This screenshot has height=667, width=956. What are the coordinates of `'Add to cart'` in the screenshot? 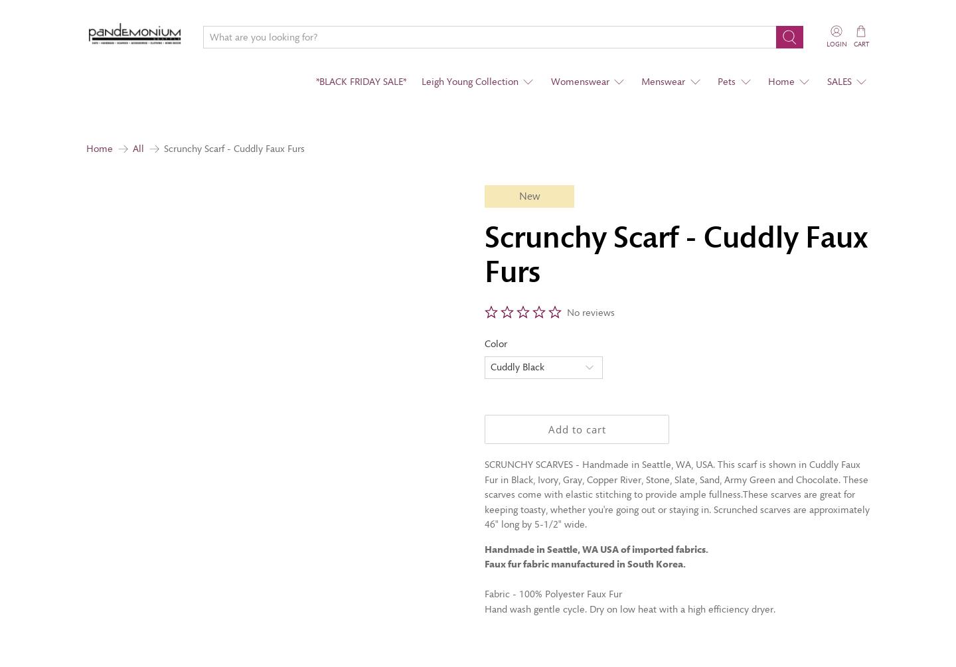 It's located at (576, 429).